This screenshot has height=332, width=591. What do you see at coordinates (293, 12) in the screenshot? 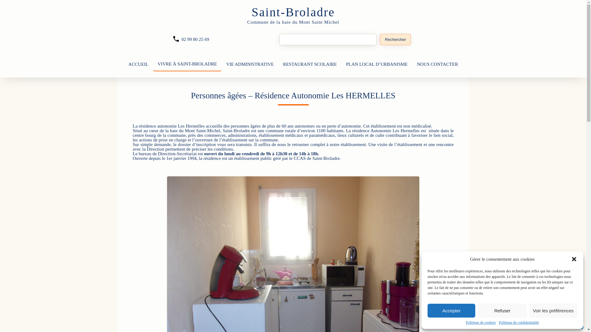
I see `'Saint-Broladre'` at bounding box center [293, 12].